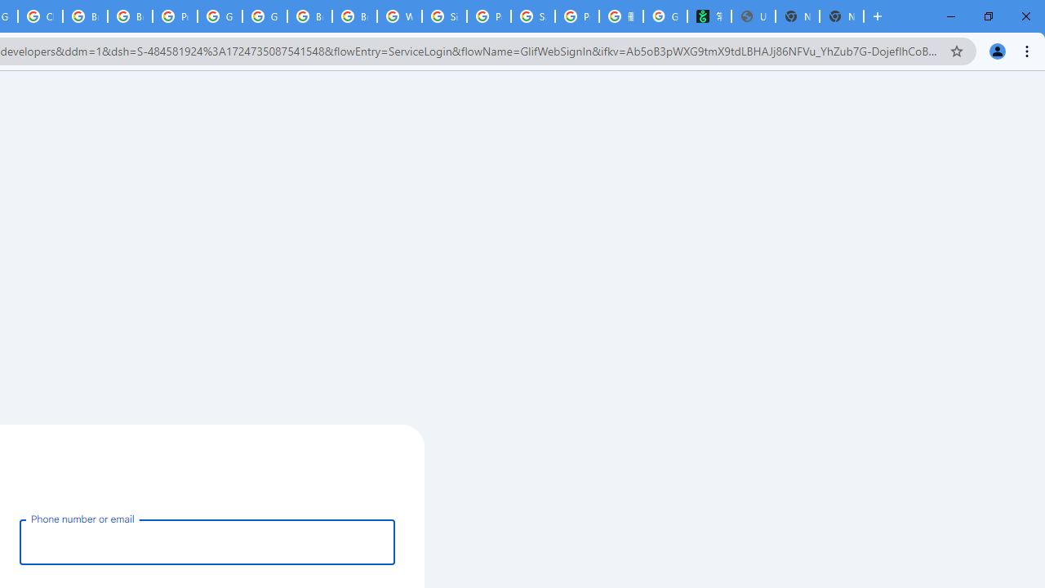  I want to click on 'Google Cloud Platform', so click(219, 16).